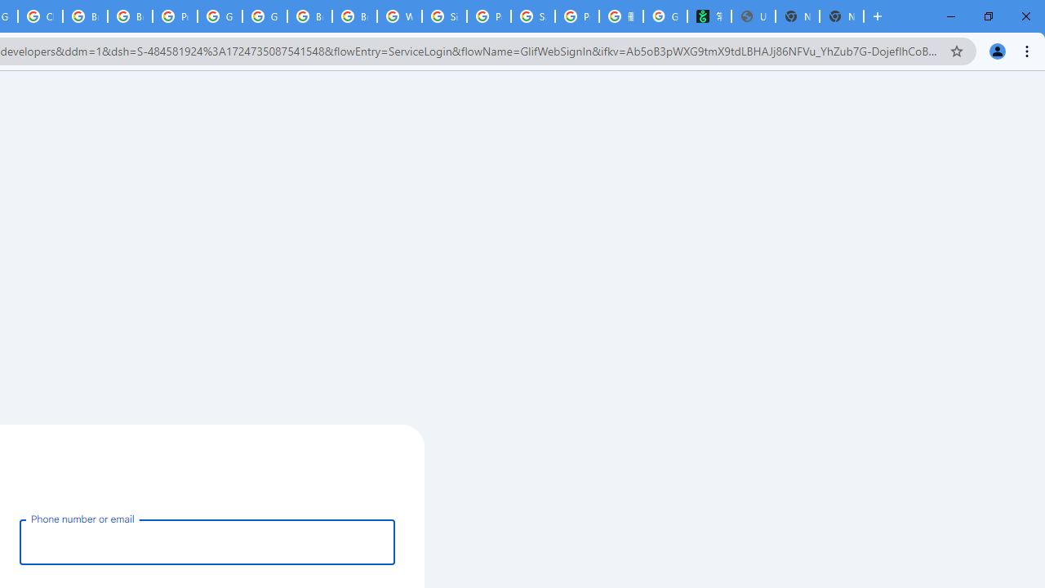  I want to click on 'Google Cloud Platform', so click(219, 16).